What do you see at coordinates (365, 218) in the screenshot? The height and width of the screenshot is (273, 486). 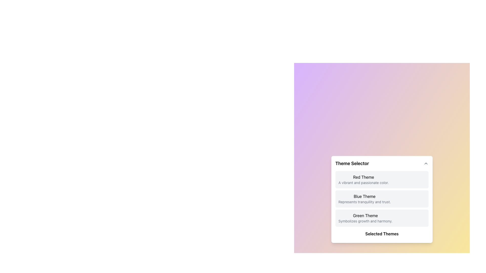 I see `the Text content block labeled 'Green Theme' which contains the heading in bold and a description in gray font, located at the center of the interface` at bounding box center [365, 218].